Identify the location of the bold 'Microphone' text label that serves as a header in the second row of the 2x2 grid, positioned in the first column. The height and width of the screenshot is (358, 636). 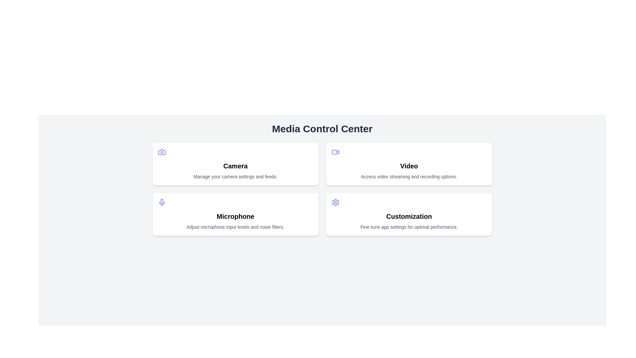
(235, 216).